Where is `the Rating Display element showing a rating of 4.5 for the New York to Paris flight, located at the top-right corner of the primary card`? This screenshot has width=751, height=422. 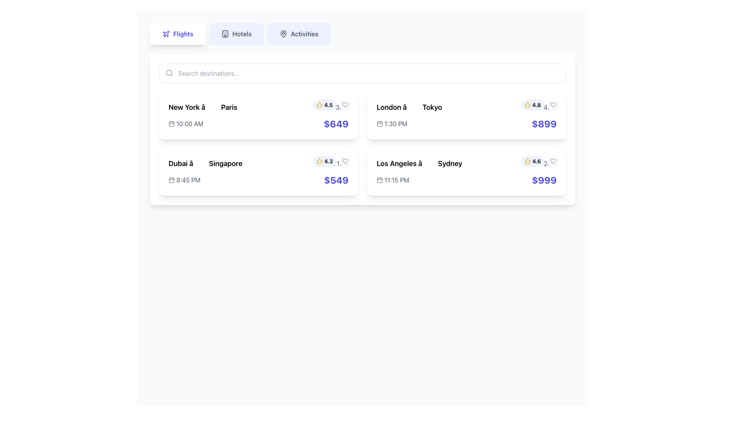
the Rating Display element showing a rating of 4.5 for the New York to Paris flight, located at the top-right corner of the primary card is located at coordinates (332, 105).